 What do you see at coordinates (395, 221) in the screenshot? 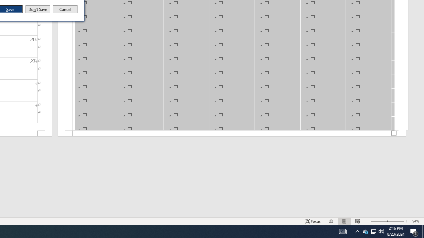
I see `'Zoom In'` at bounding box center [395, 221].